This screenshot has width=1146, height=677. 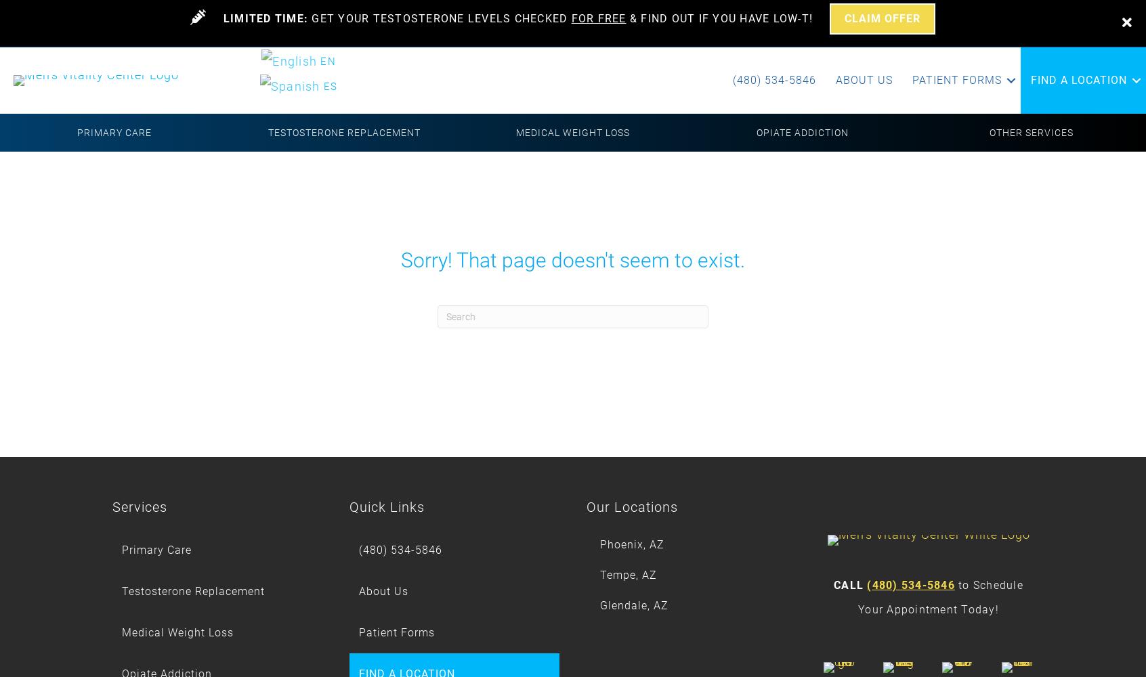 I want to click on 'Other Services', so click(x=1031, y=132).